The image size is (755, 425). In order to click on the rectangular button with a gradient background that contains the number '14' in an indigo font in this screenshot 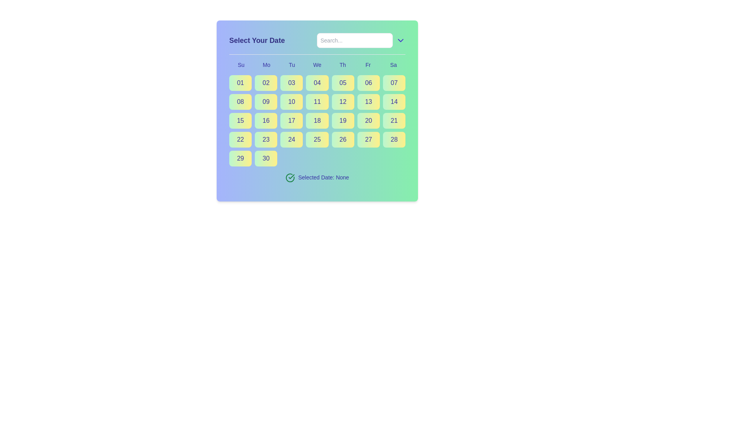, I will do `click(394, 101)`.